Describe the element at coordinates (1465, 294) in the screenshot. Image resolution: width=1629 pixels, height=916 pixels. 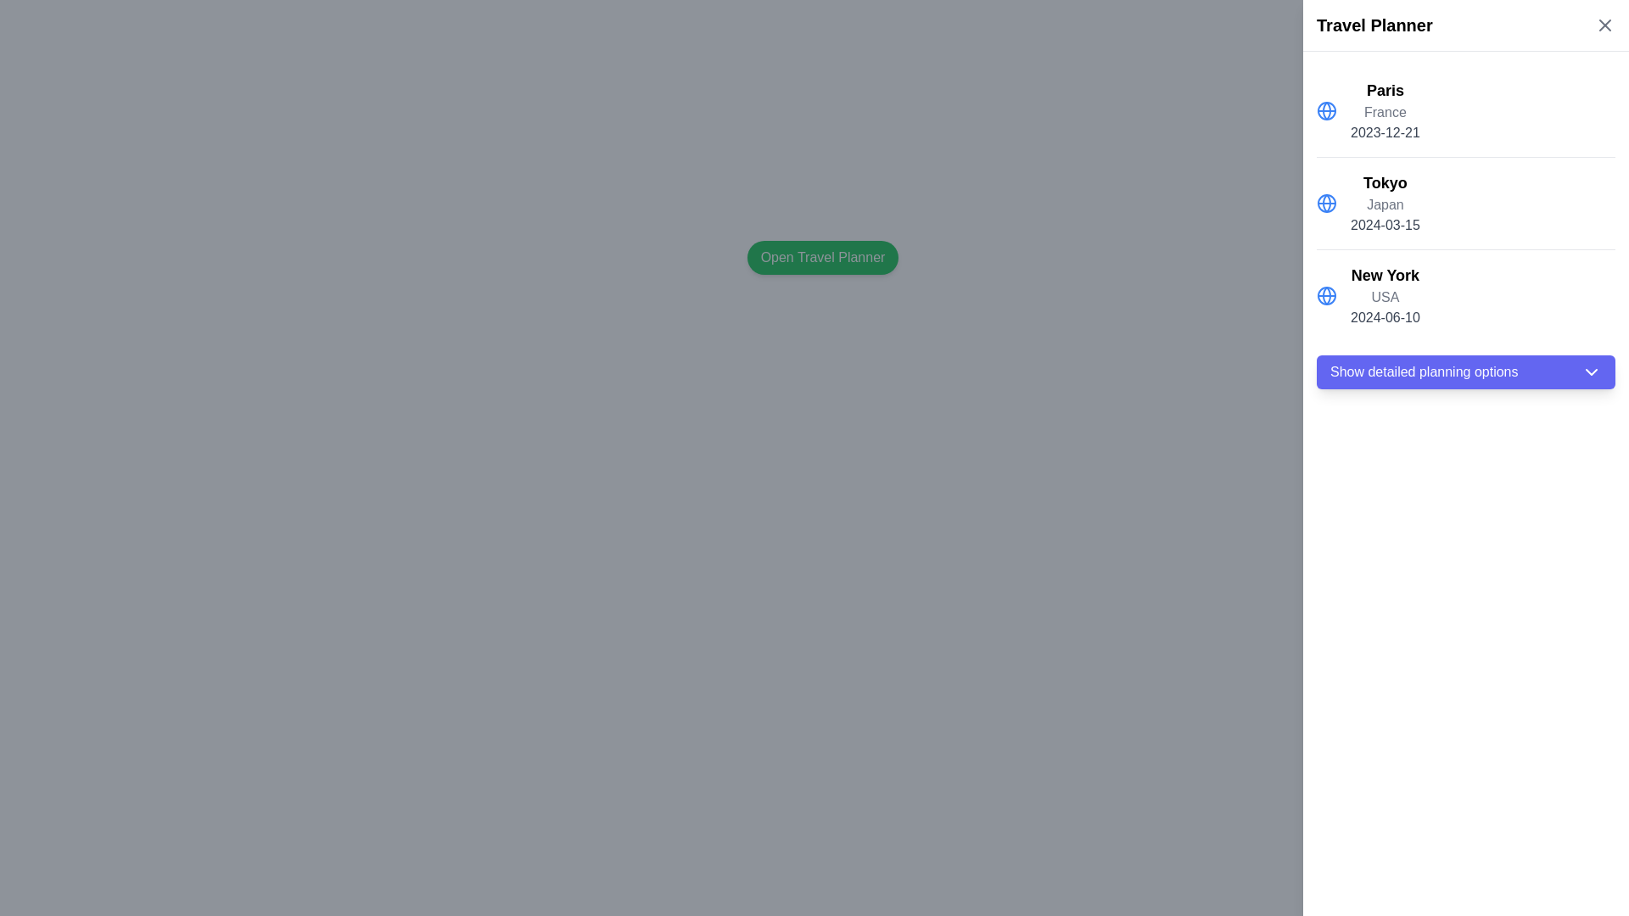
I see `the third list item in the Travel Planner section, which displays 'New York', 'USA', and '2024-06-10'` at that location.